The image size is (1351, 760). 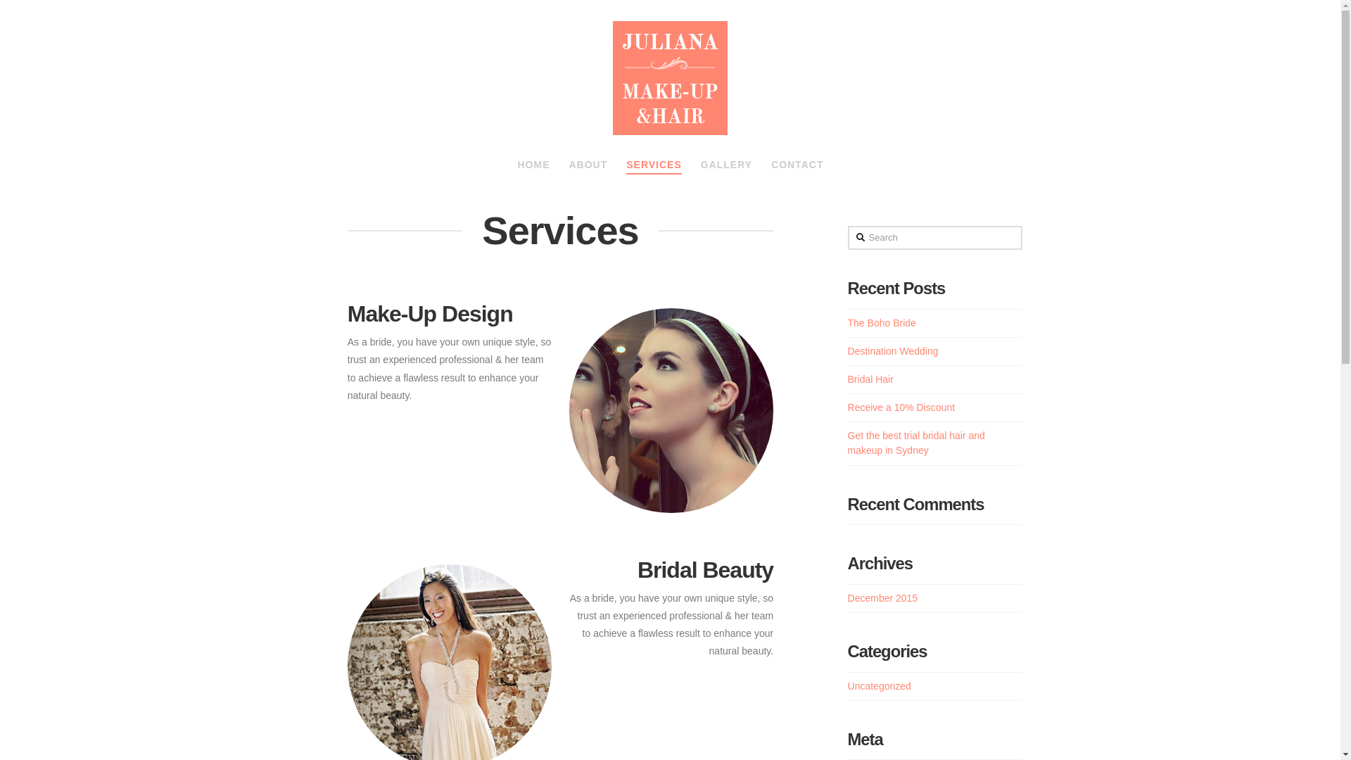 What do you see at coordinates (797, 165) in the screenshot?
I see `'CONTACT'` at bounding box center [797, 165].